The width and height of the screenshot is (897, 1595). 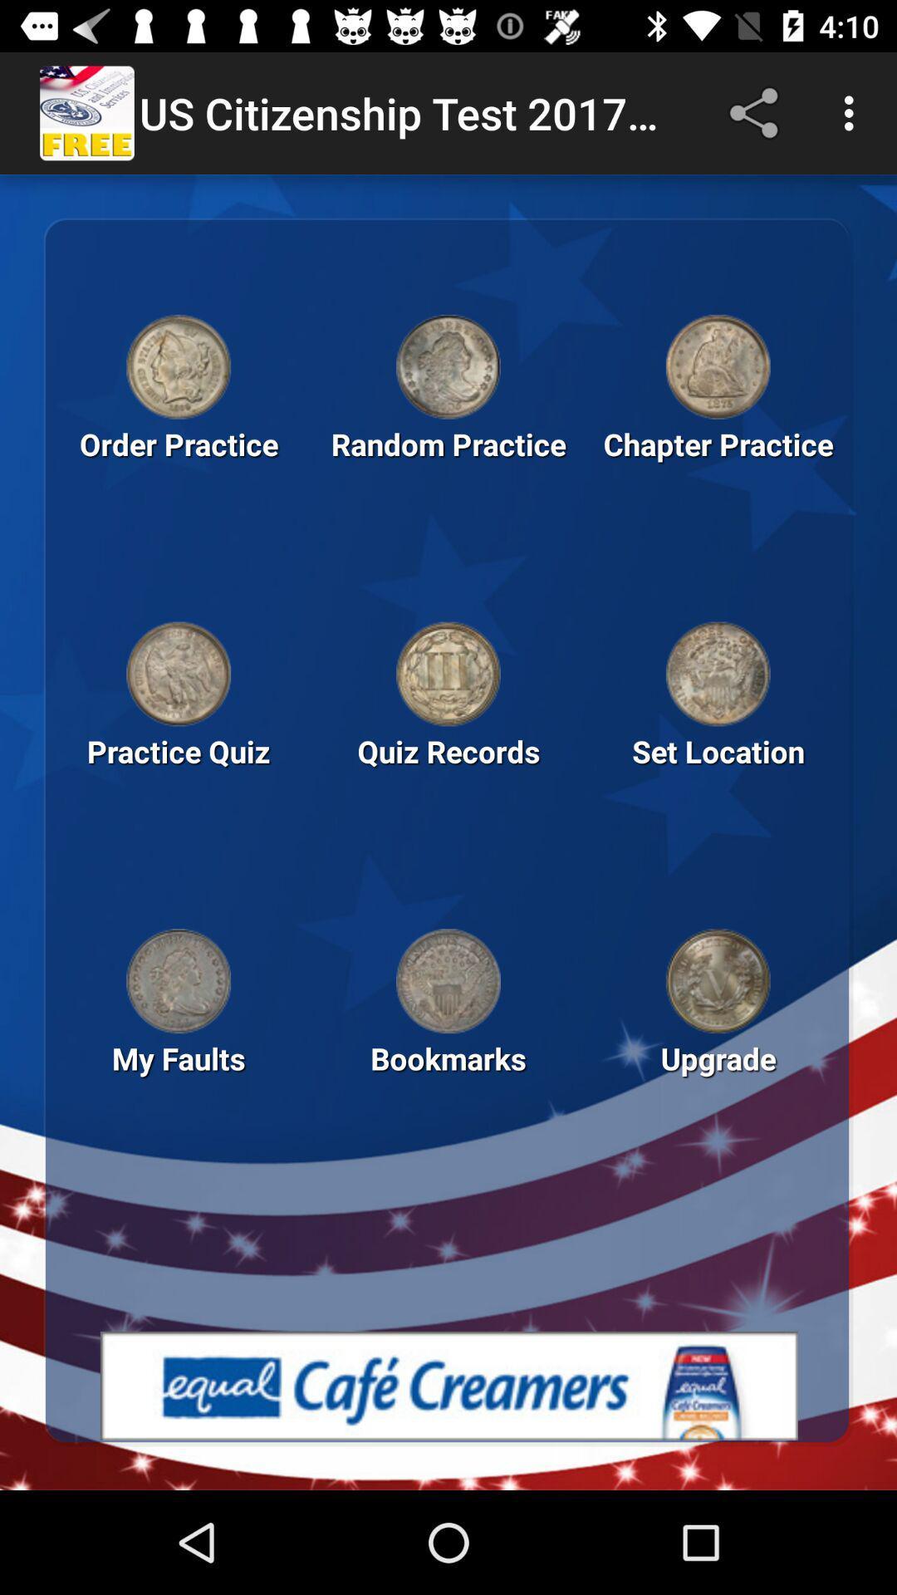 What do you see at coordinates (757, 113) in the screenshot?
I see `share` at bounding box center [757, 113].